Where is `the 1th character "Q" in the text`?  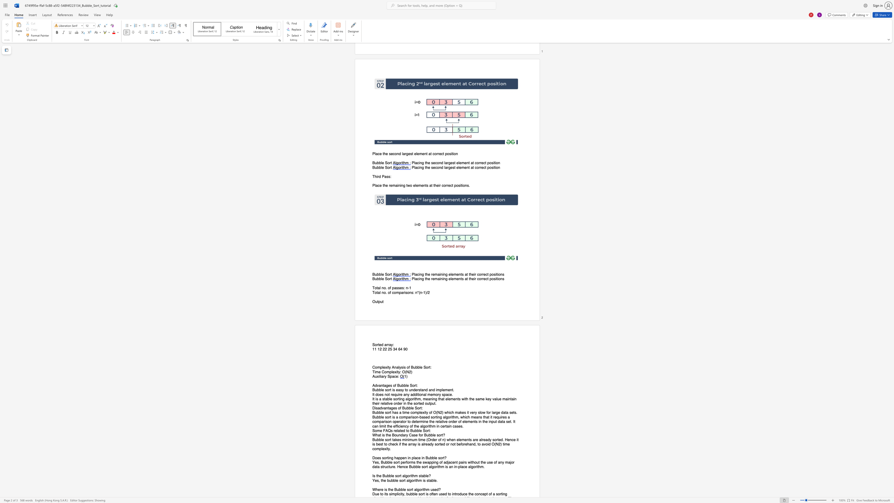
the 1th character "Q" in the text is located at coordinates (389, 430).